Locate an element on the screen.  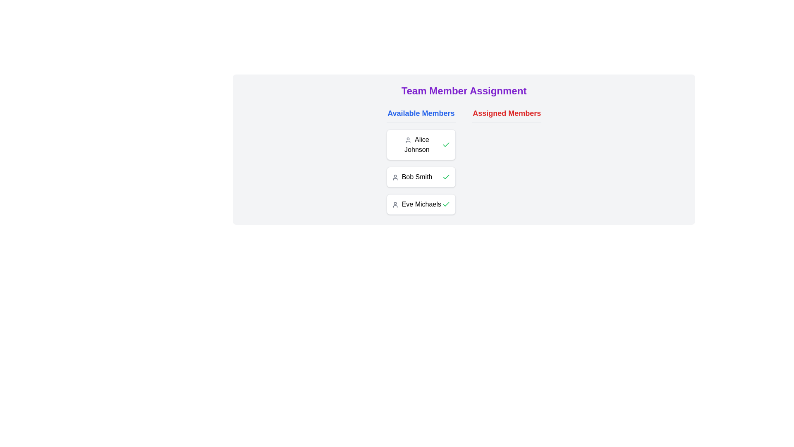
the user profile icon for 'Alice Johnson', which is located to the left of the text label and visually represents the user's account is located at coordinates (408, 139).